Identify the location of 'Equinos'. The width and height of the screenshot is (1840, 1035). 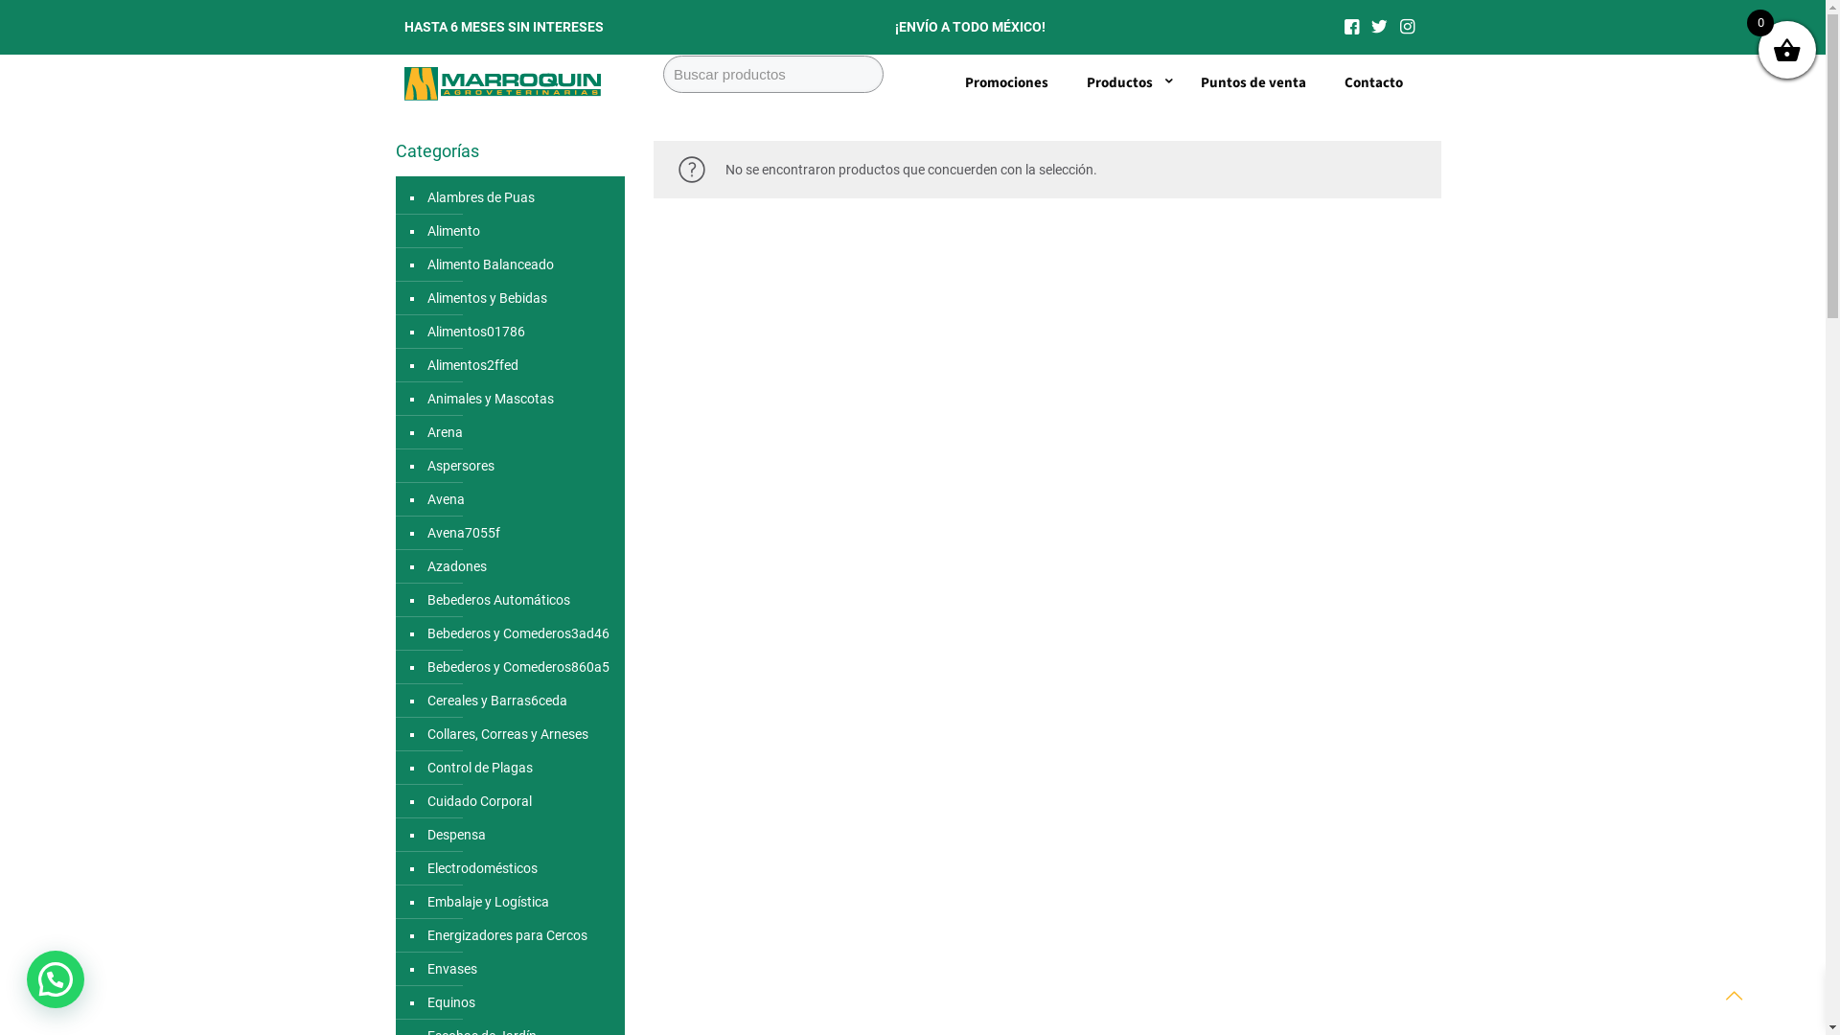
(422, 1001).